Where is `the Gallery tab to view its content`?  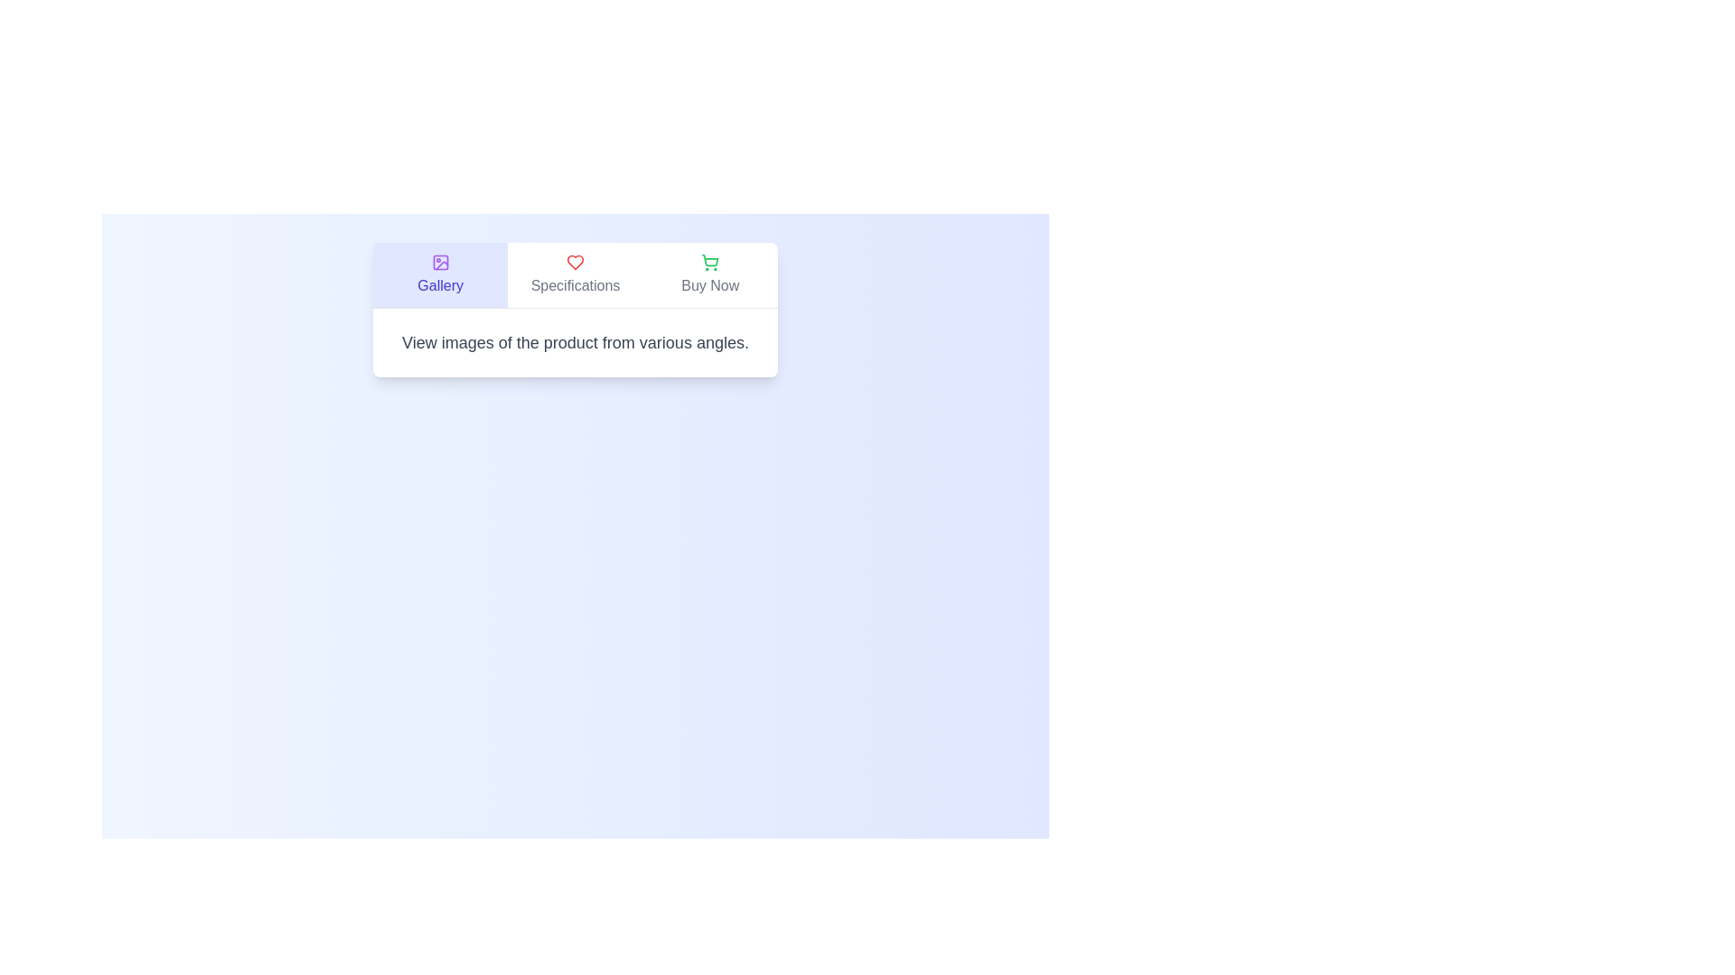
the Gallery tab to view its content is located at coordinates (440, 274).